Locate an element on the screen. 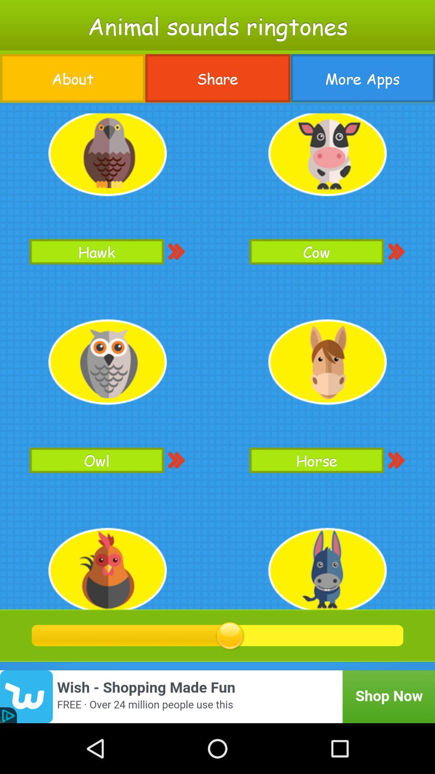 The image size is (435, 774). more apps button is located at coordinates (362, 78).